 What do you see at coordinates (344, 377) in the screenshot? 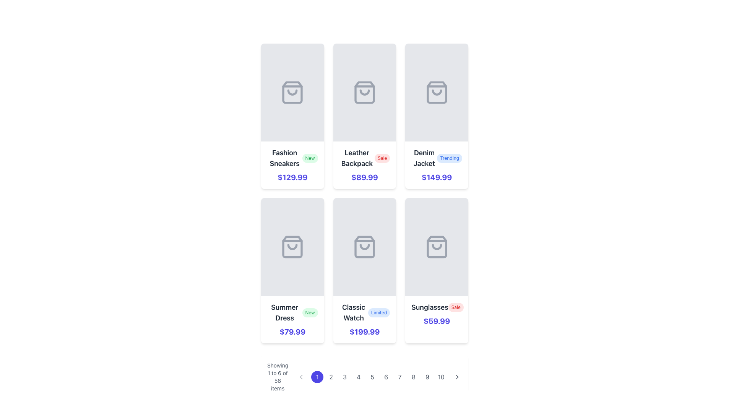
I see `the circular button labeled '3'` at bounding box center [344, 377].